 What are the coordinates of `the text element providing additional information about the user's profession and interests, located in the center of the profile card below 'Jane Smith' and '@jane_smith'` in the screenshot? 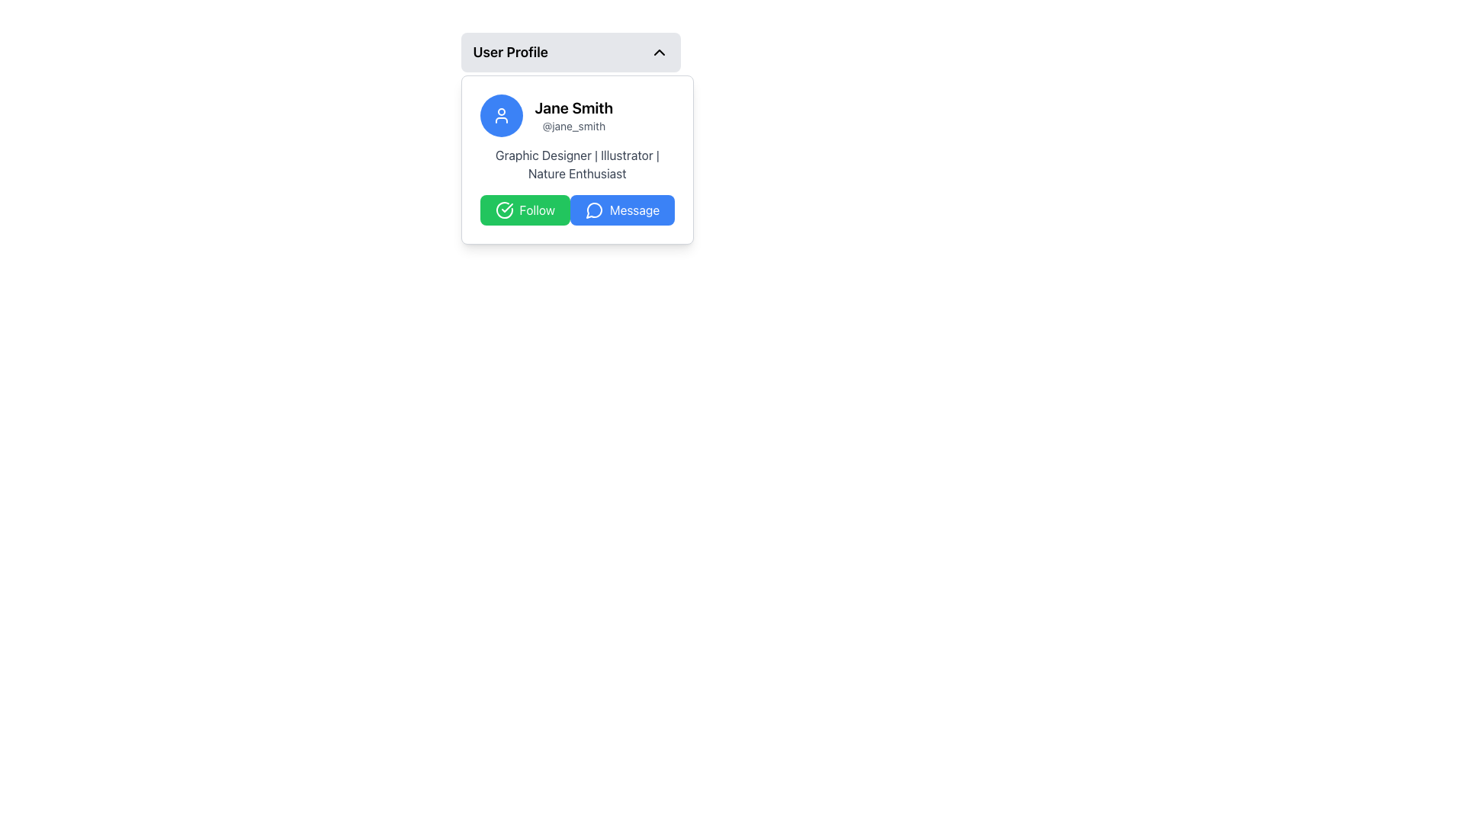 It's located at (576, 165).